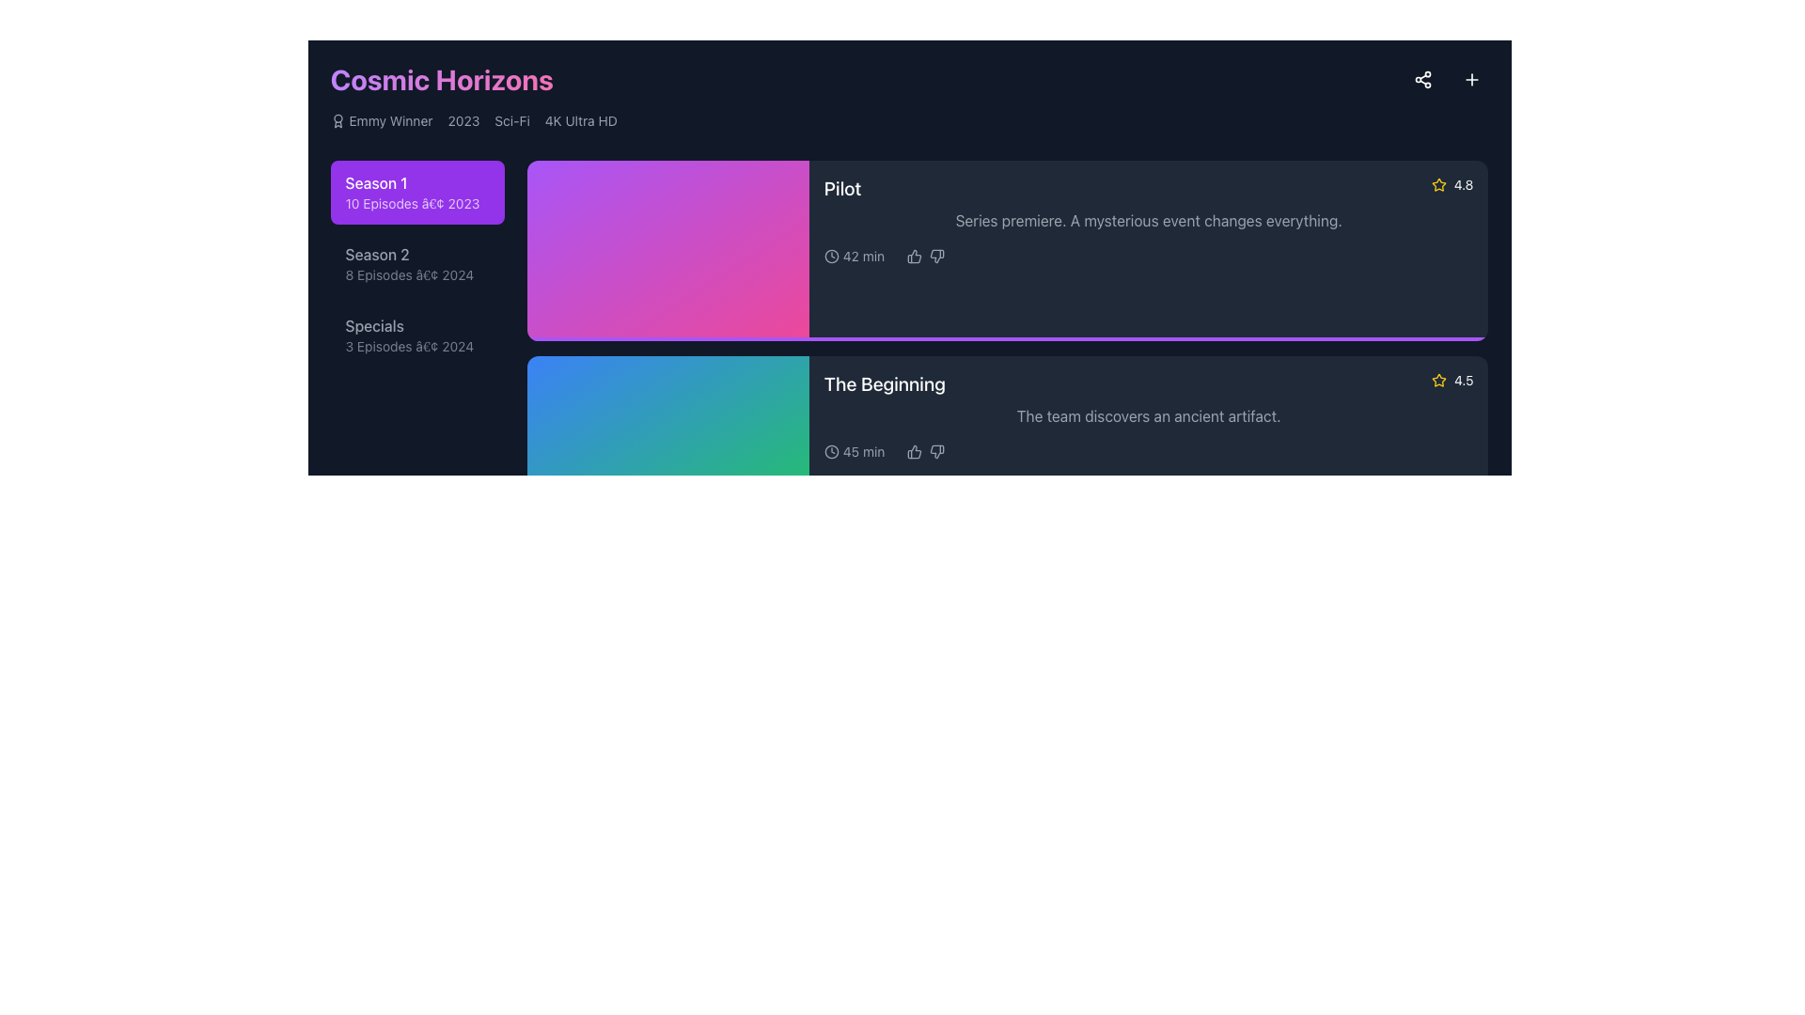  I want to click on the Emmy award winner label with icon, which is the first item in the horizontal list of show details, positioned below the 'Cosmic Horizons' header, so click(381, 120).